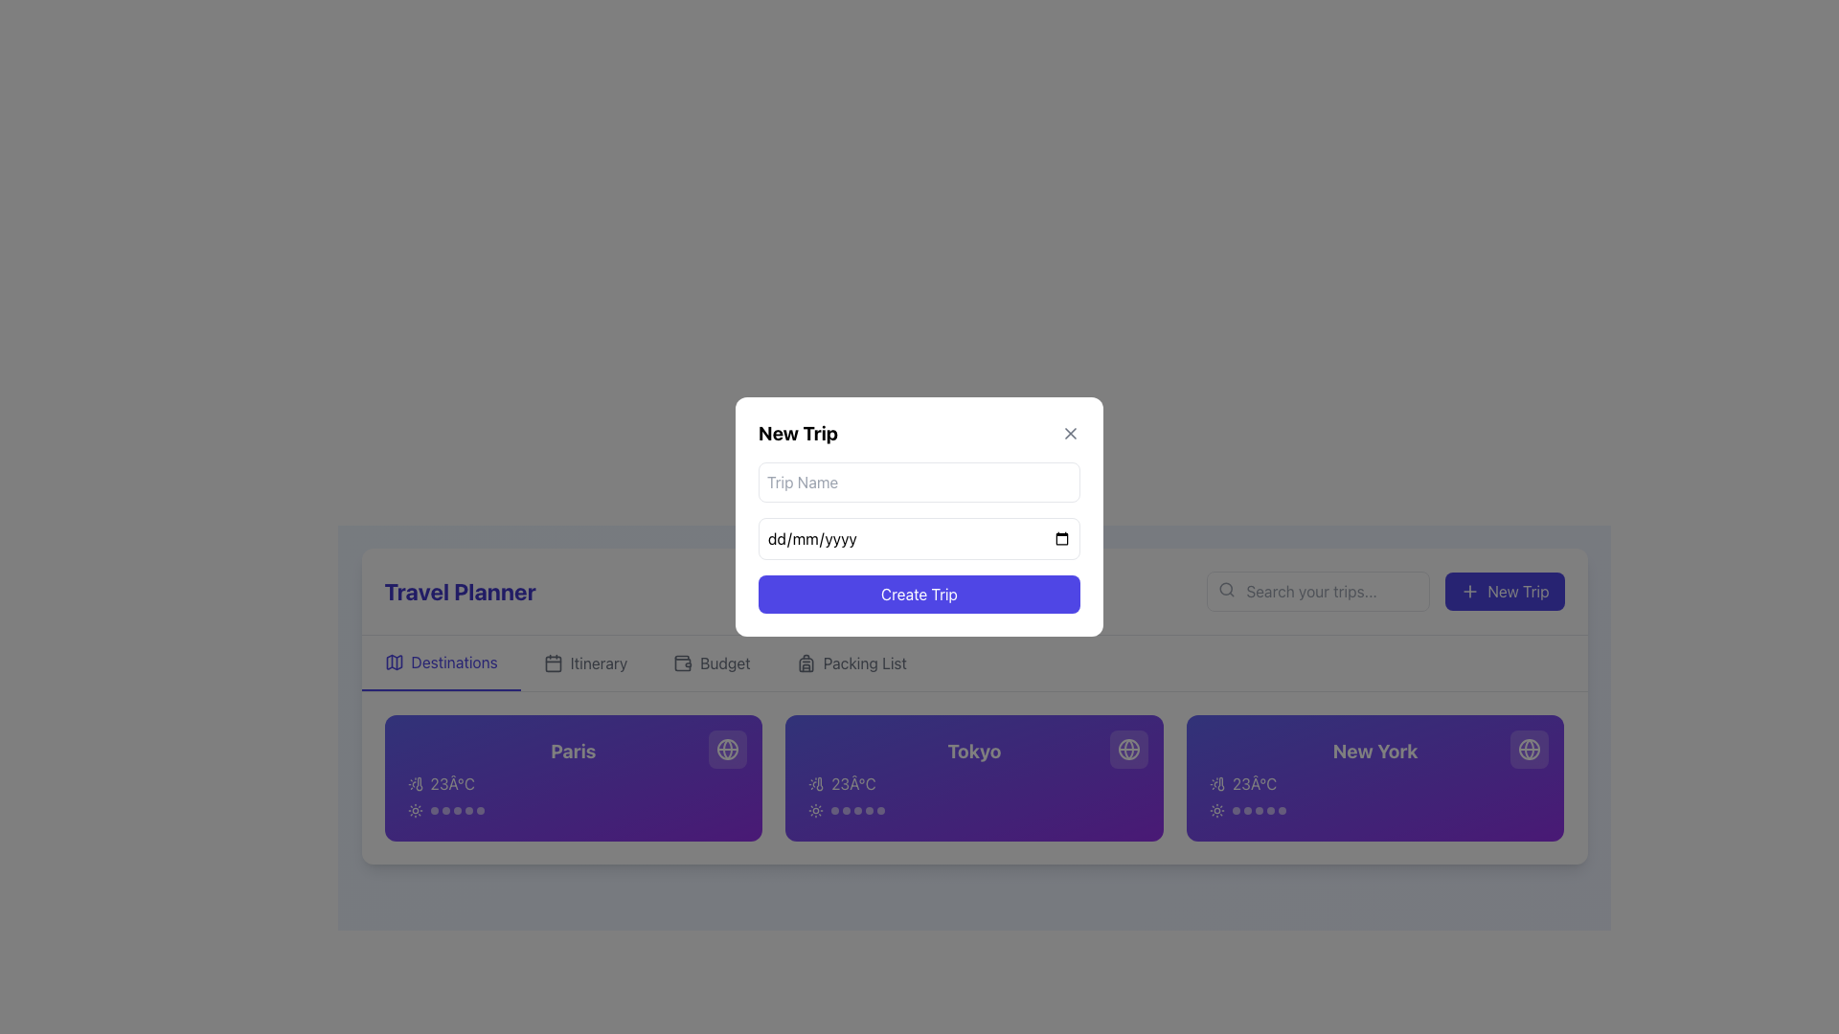 Image resolution: width=1839 pixels, height=1034 pixels. What do you see at coordinates (1259, 811) in the screenshot?
I see `the pagination or state indicator located at the bottom of the 'New York' card, specifically beneath the temperature text '23°C'` at bounding box center [1259, 811].